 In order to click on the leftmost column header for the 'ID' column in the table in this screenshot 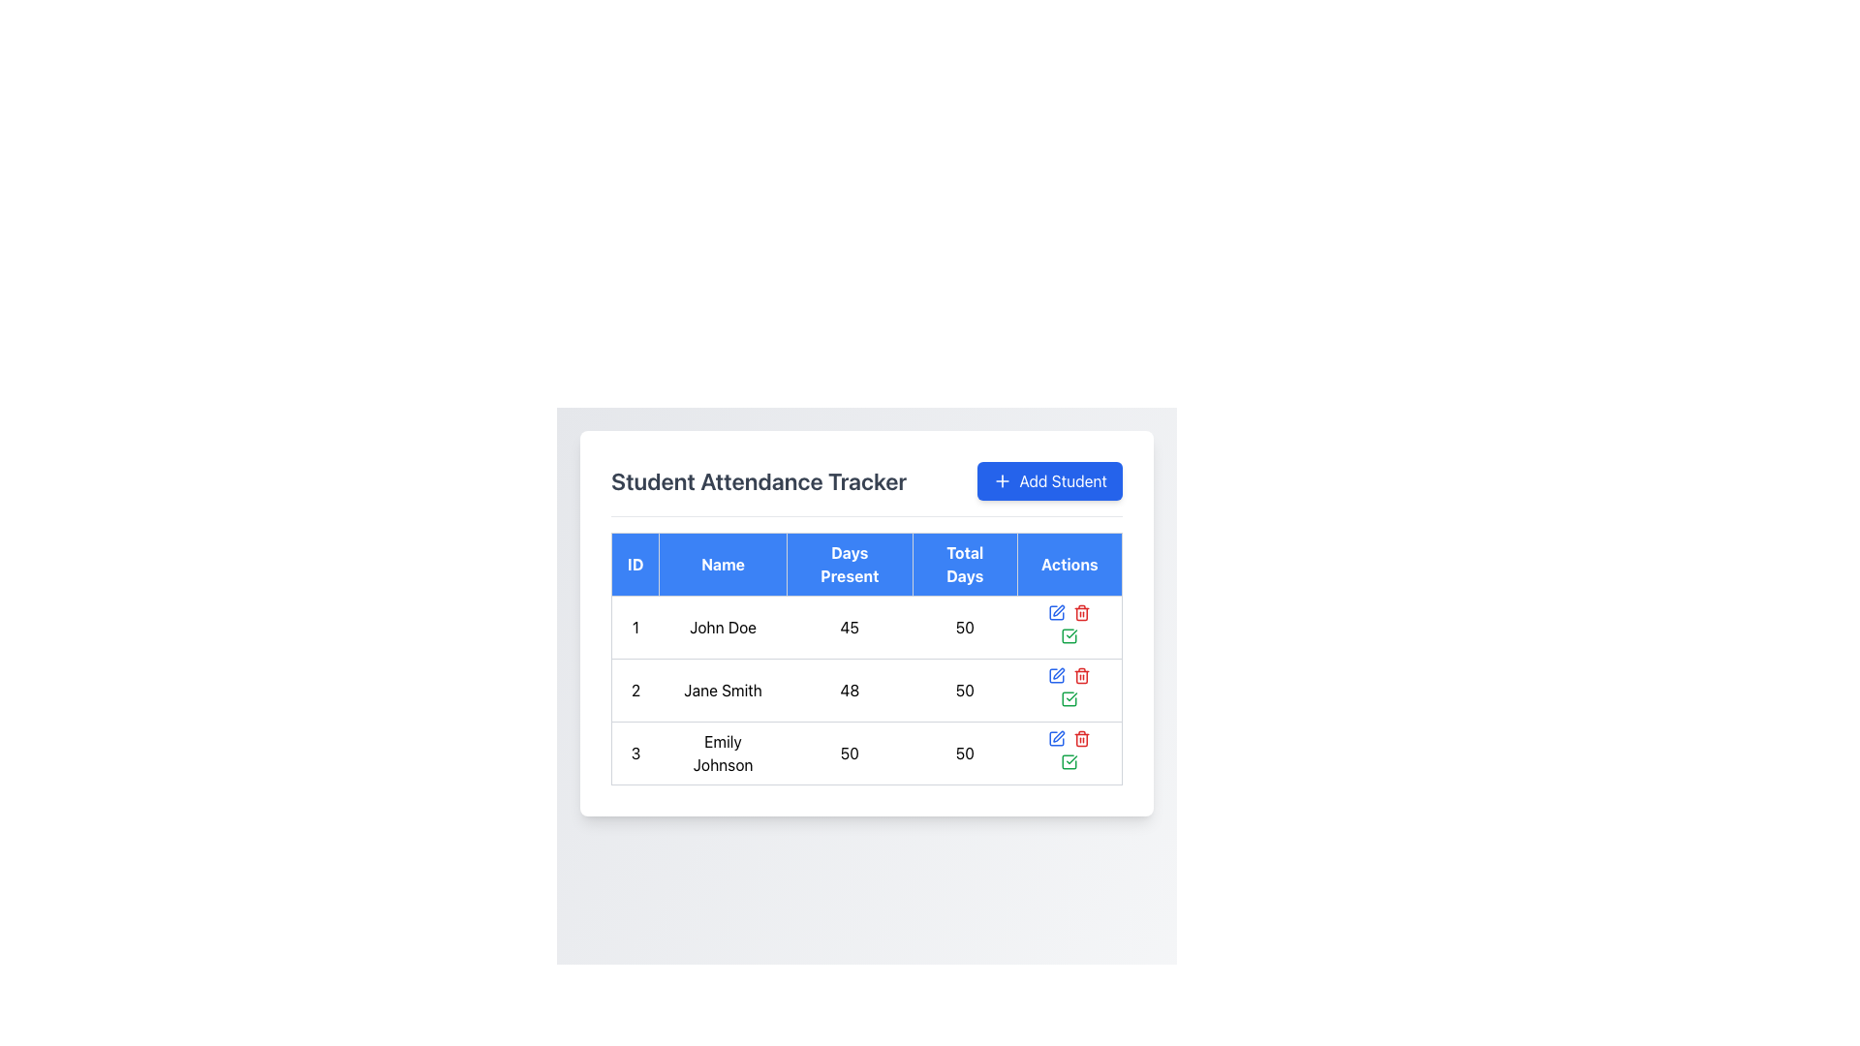, I will do `click(635, 564)`.